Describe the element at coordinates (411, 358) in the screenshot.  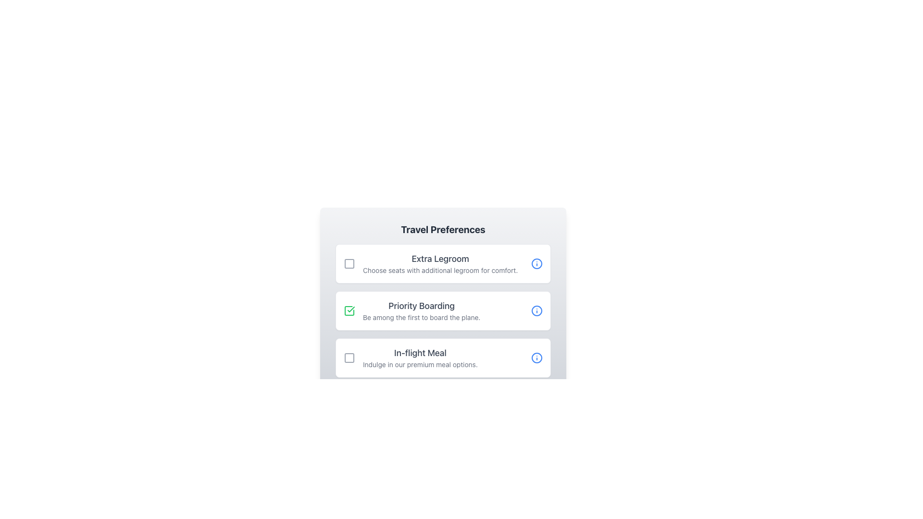
I see `the info icon in the 'In-flight Meal' option card` at that location.